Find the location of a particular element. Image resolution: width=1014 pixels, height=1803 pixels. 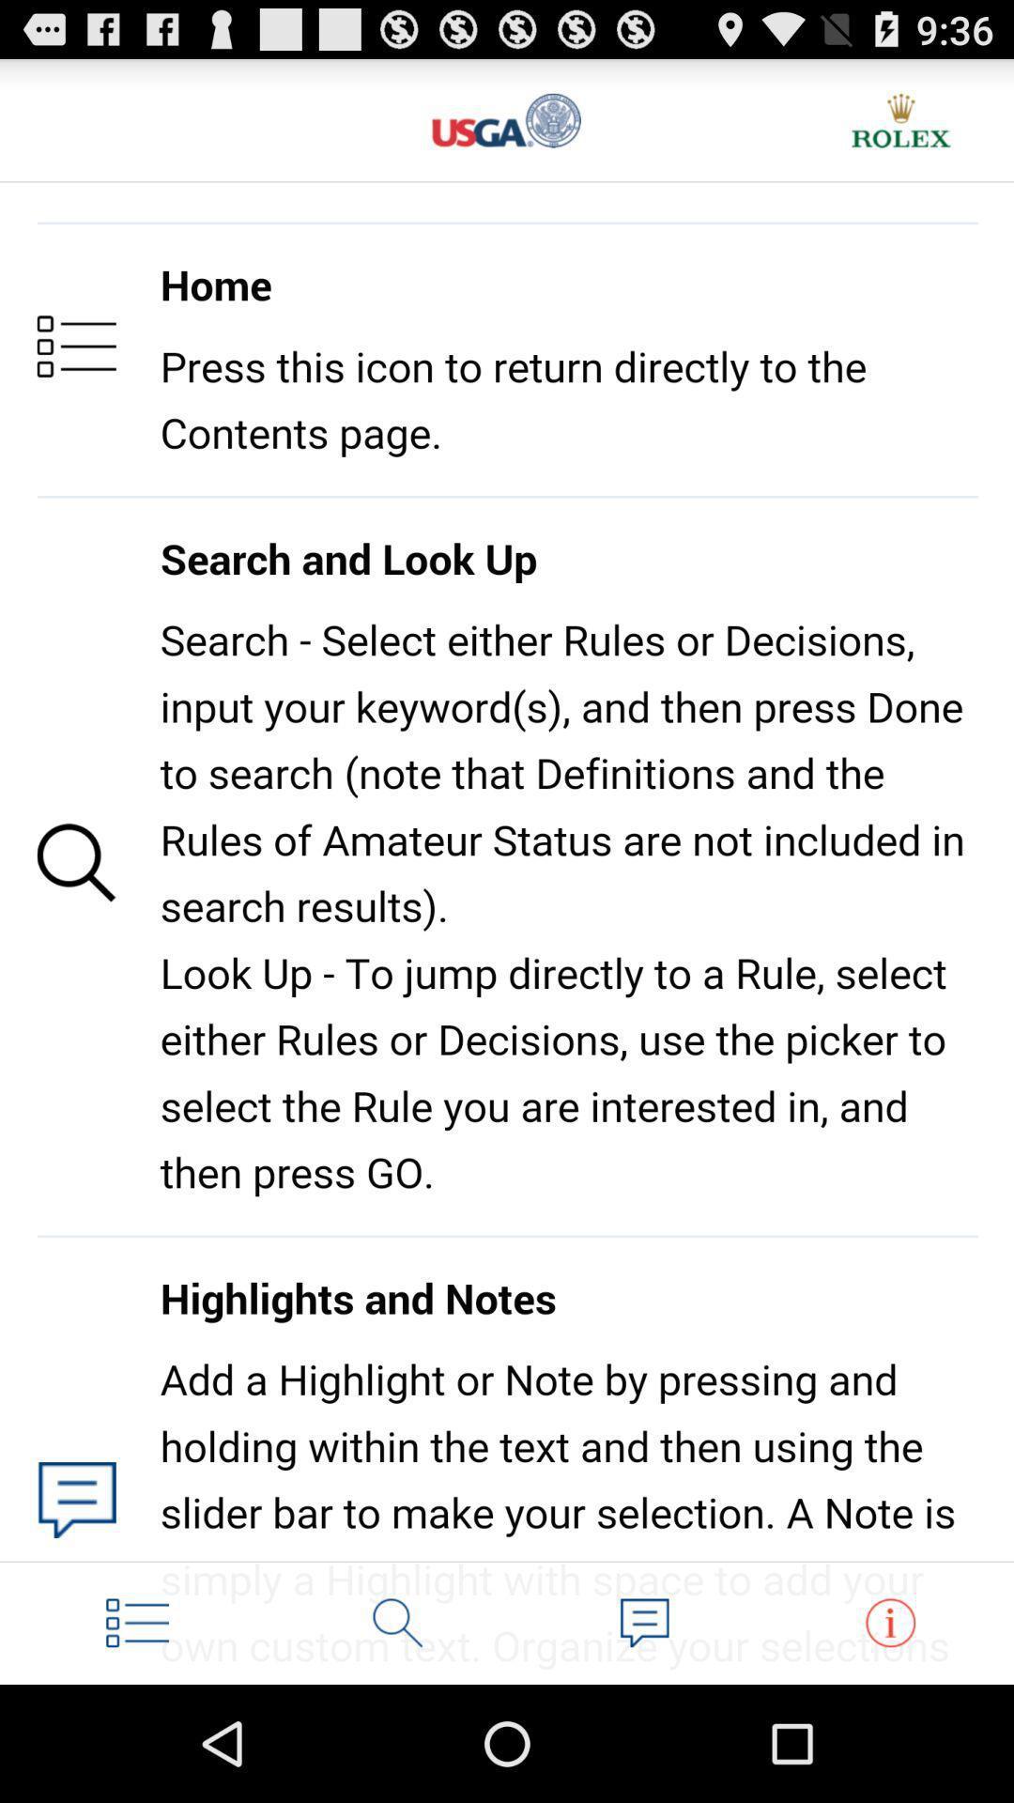

the search icon is located at coordinates (397, 1735).